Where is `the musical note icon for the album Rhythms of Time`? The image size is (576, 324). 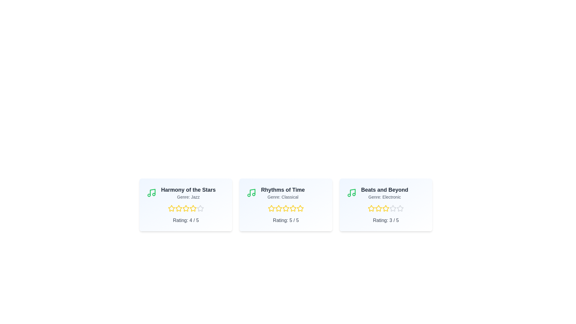
the musical note icon for the album Rhythms of Time is located at coordinates (251, 193).